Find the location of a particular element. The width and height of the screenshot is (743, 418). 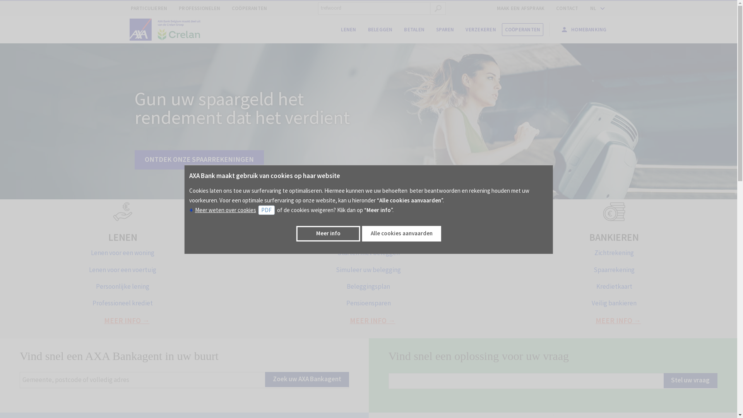

'Zoek uw AXA Bankagent' is located at coordinates (265, 379).